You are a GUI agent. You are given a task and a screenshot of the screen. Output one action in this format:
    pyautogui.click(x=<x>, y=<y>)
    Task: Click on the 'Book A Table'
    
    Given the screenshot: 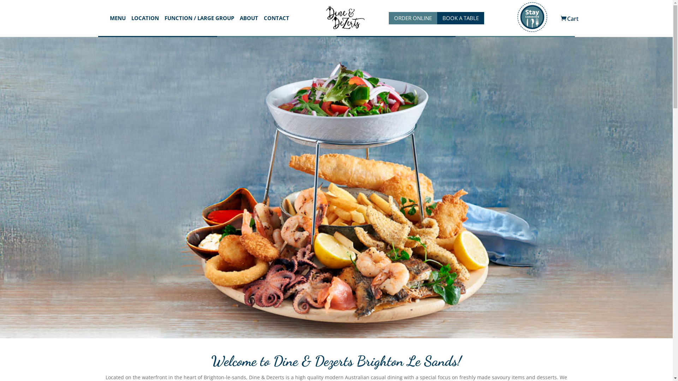 What is the action you would take?
    pyautogui.click(x=456, y=29)
    